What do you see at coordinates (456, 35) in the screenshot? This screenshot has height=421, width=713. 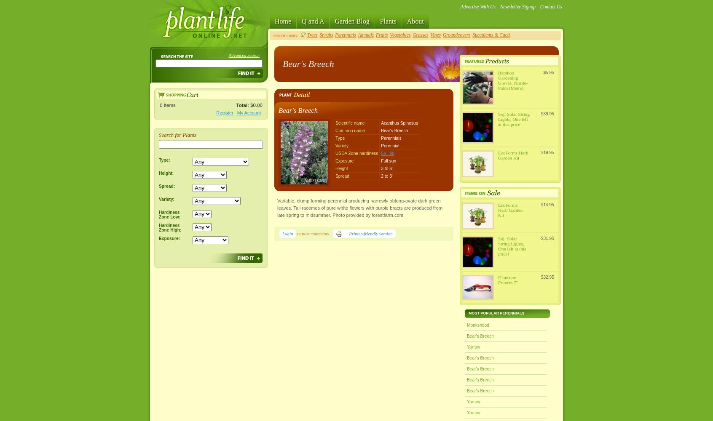 I see `'Groundcovers'` at bounding box center [456, 35].